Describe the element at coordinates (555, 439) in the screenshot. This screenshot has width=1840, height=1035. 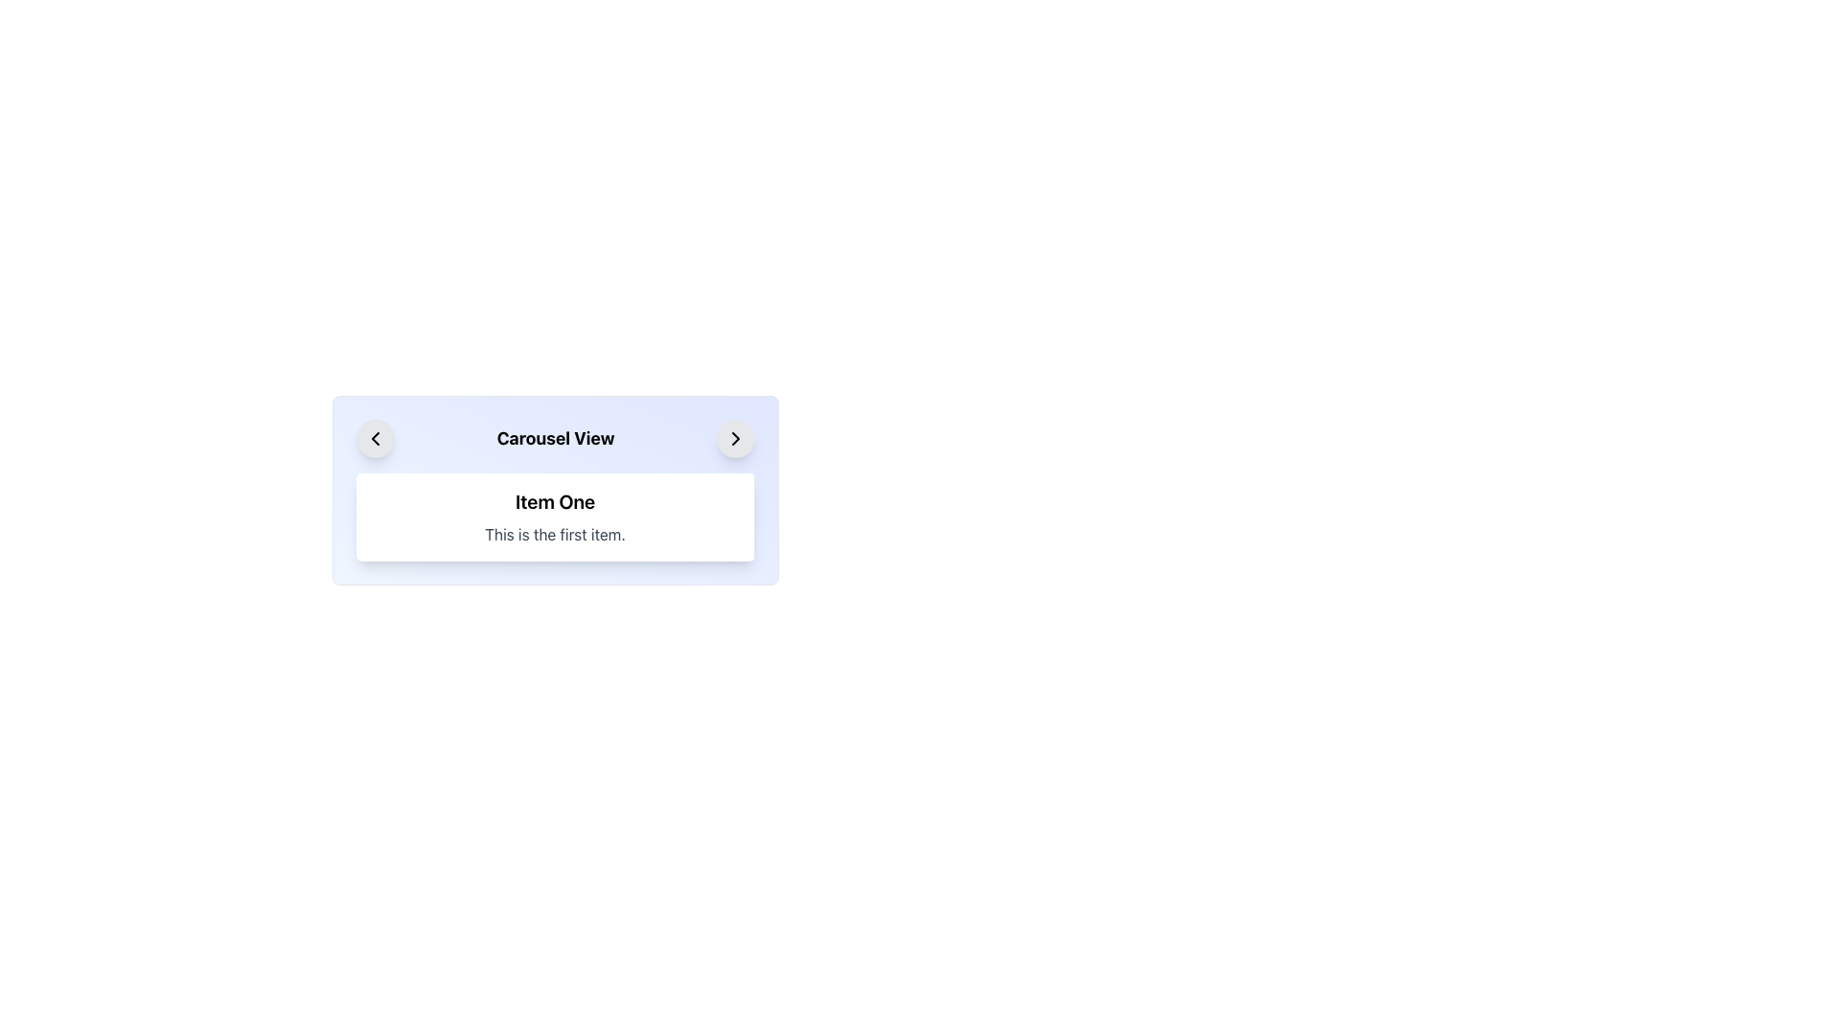
I see `the Header with navigation controls, which serves as a navigation header for a carousel interface, positioned at the top of the card-like section` at that location.